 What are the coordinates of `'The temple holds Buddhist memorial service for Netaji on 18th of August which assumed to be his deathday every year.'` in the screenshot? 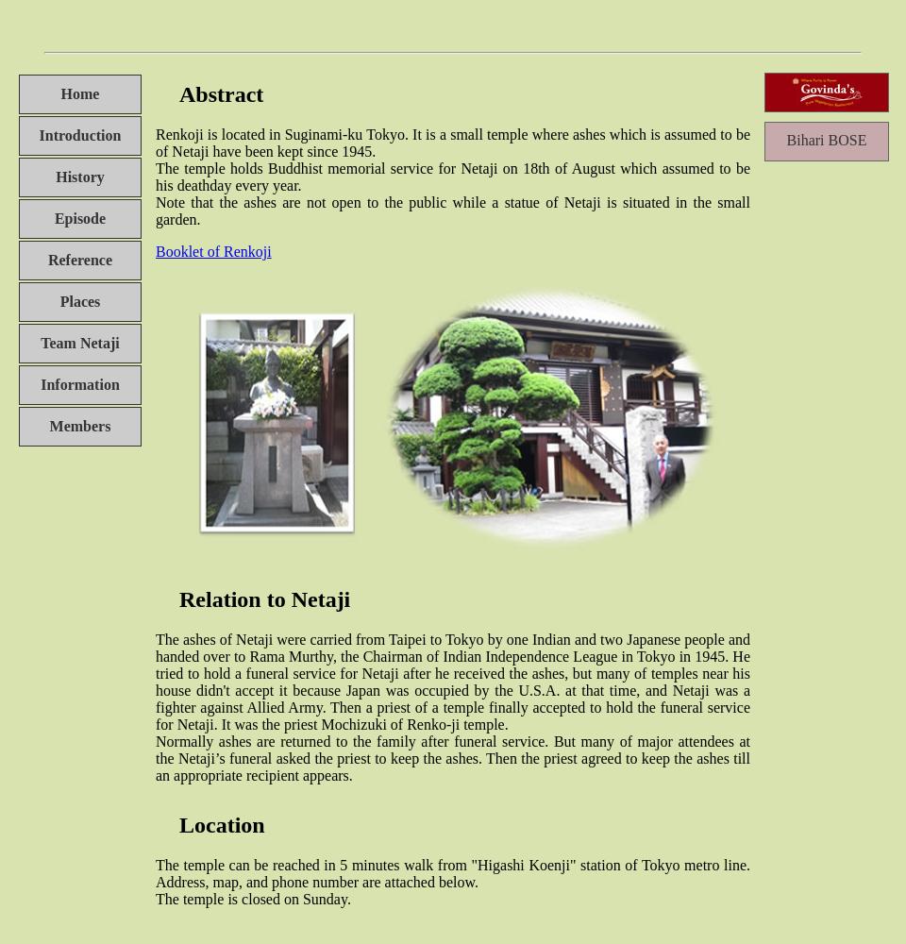 It's located at (453, 176).